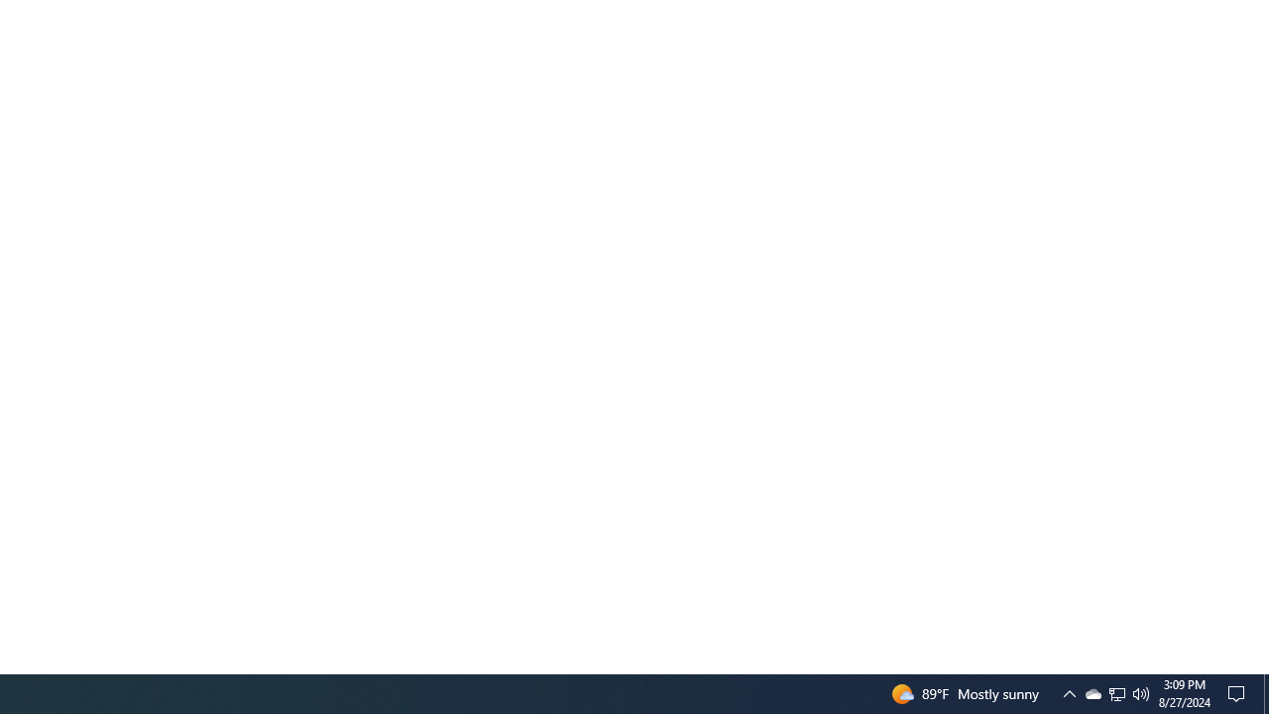 The height and width of the screenshot is (714, 1269). Describe the element at coordinates (1239, 692) in the screenshot. I see `'Show desktop'` at that location.